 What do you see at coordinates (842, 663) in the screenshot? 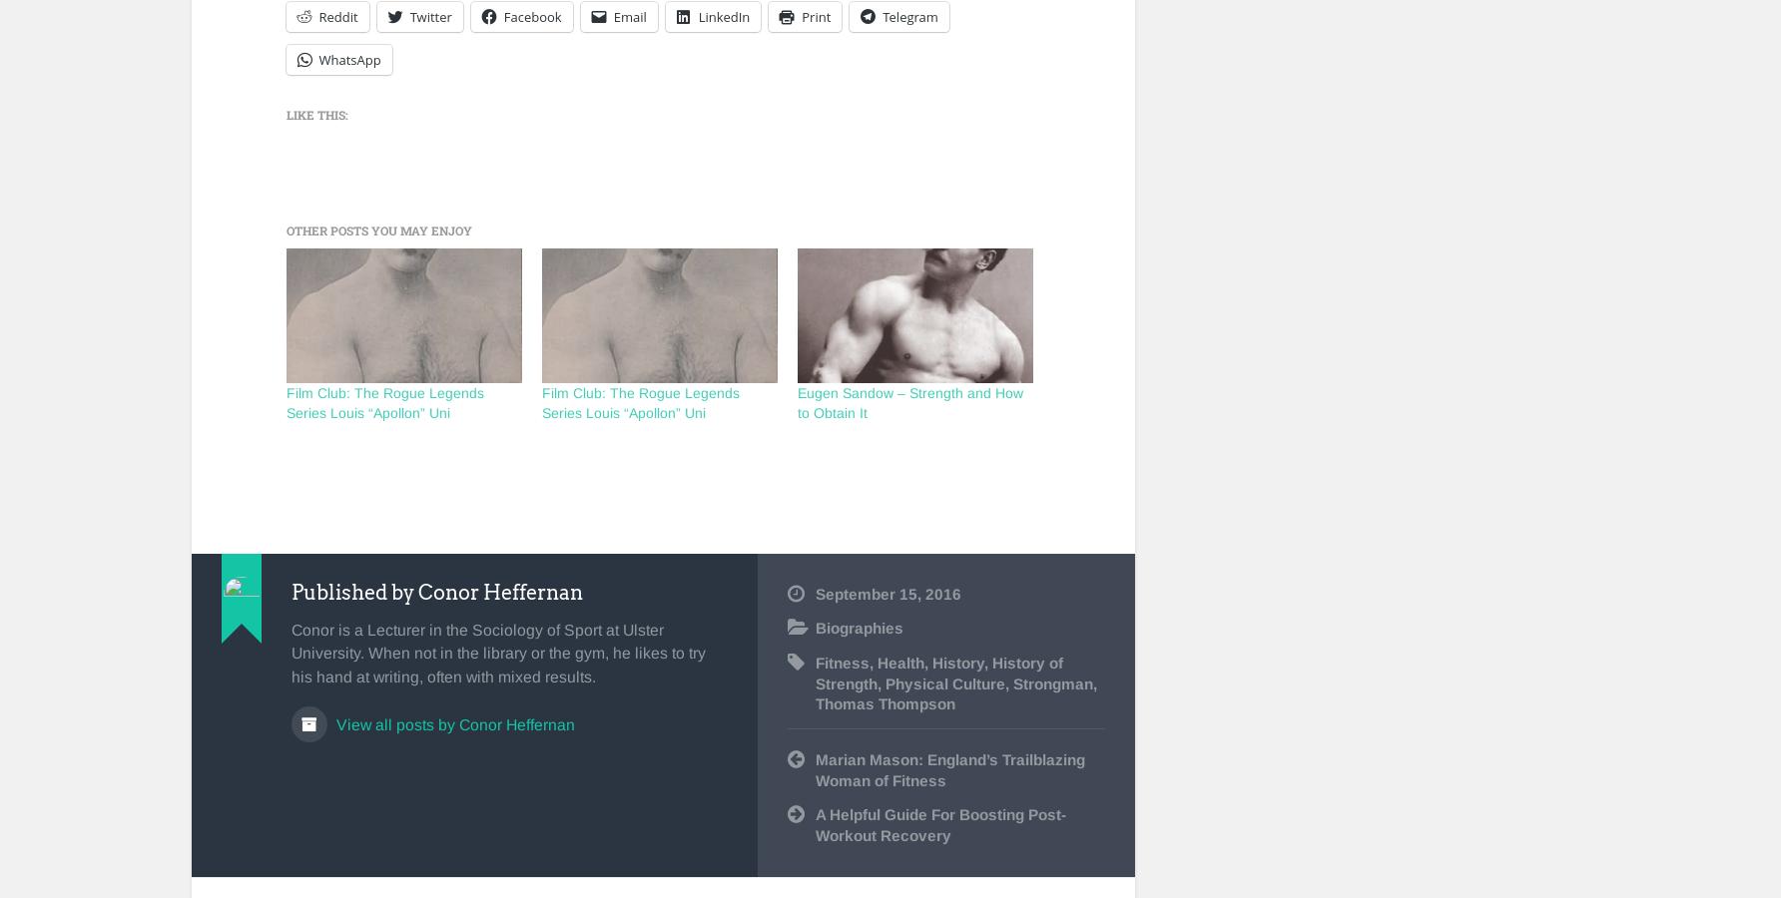
I see `'Fitness'` at bounding box center [842, 663].